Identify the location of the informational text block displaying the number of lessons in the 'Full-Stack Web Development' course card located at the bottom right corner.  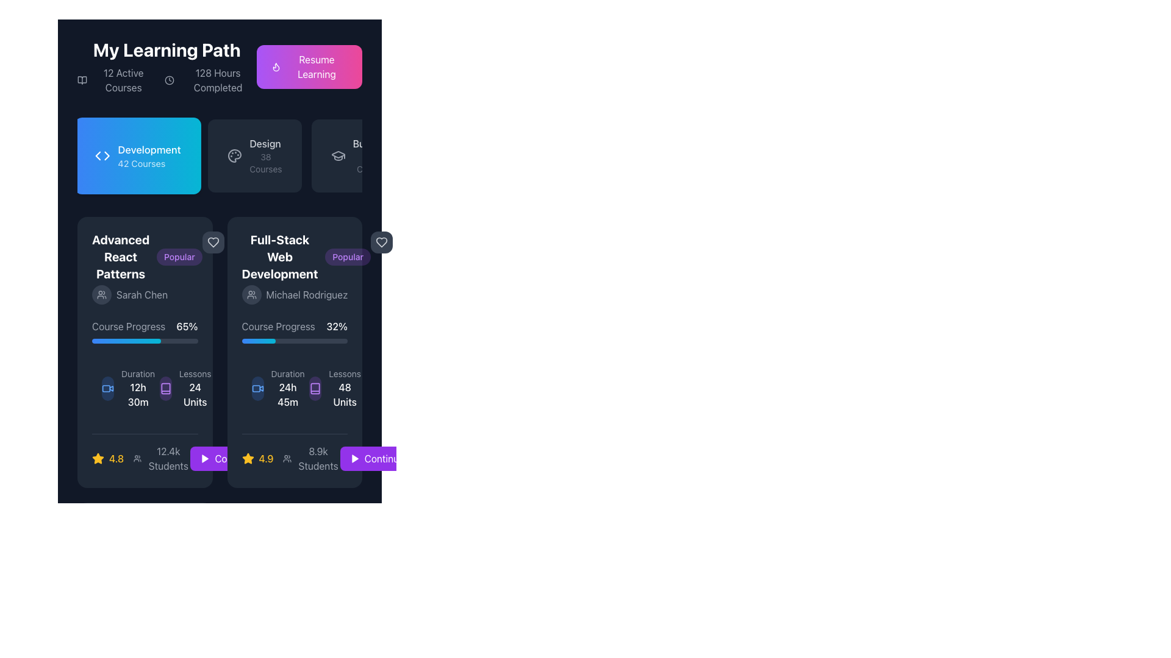
(344, 388).